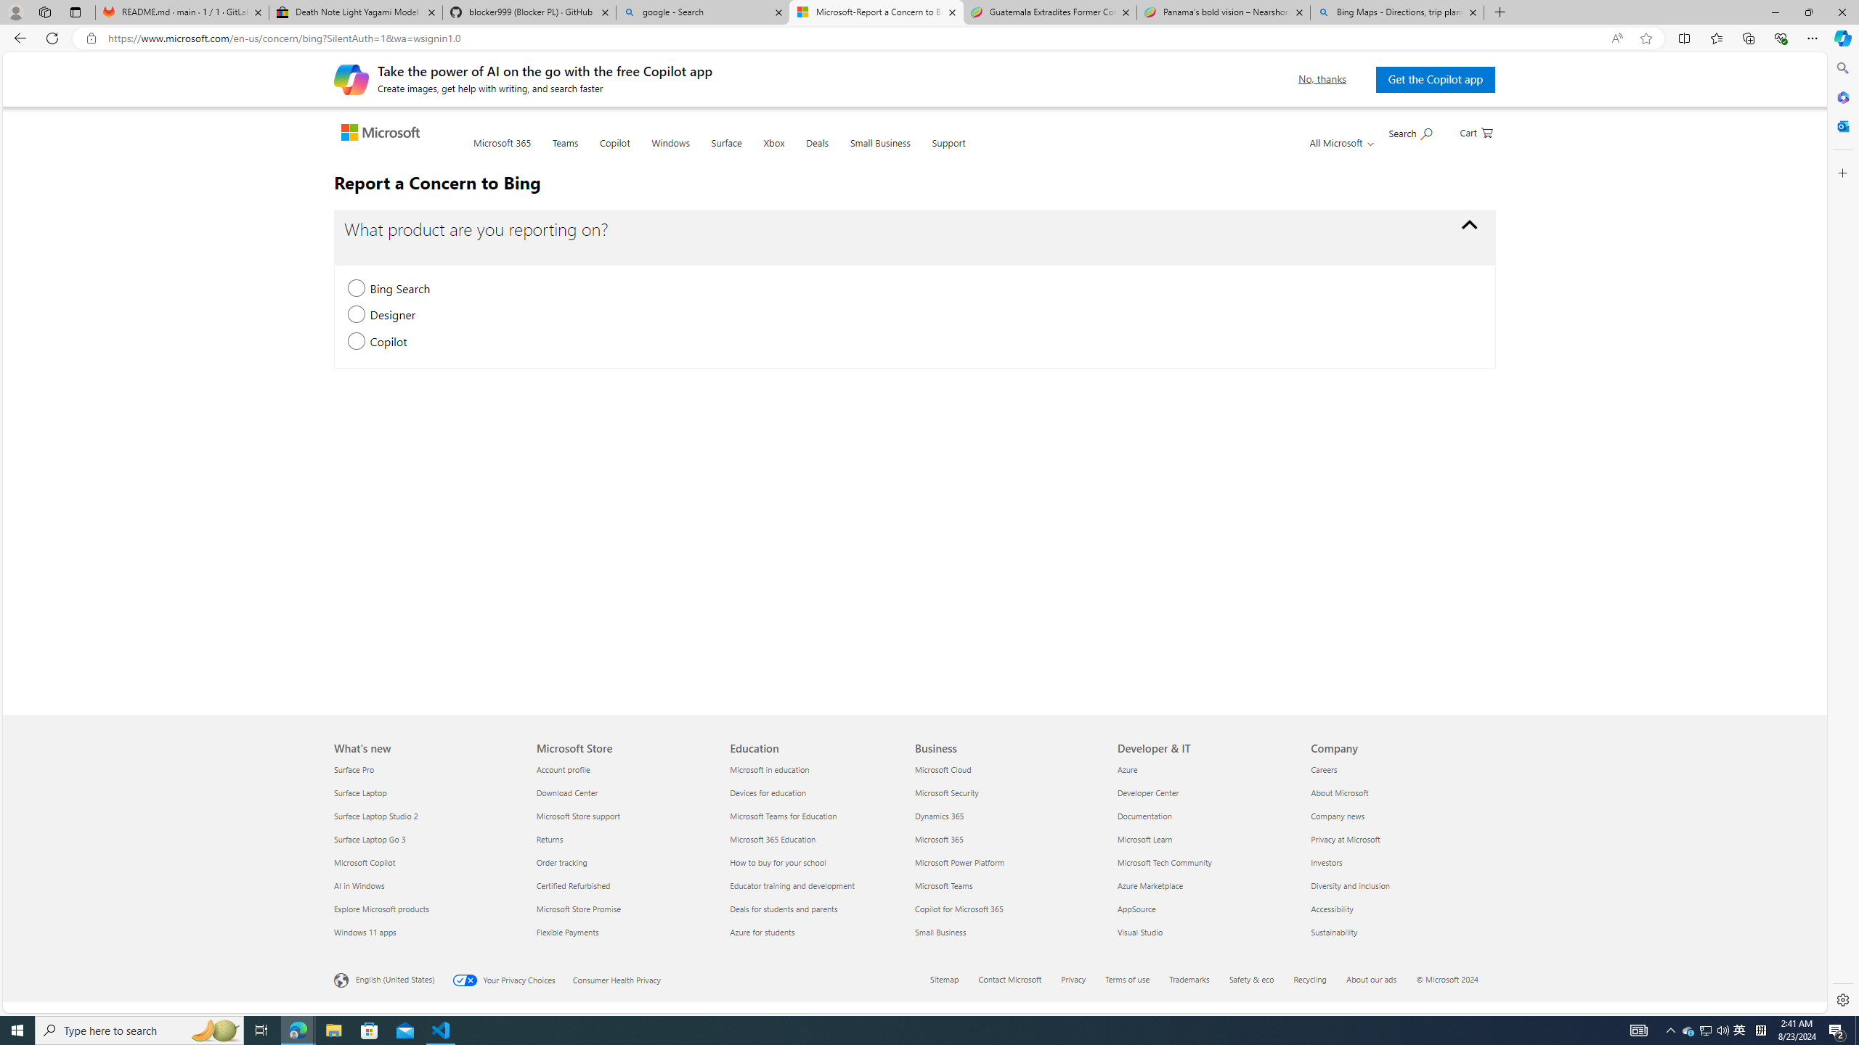  Describe the element at coordinates (1144, 837) in the screenshot. I see `'Microsoft Learn Developer & IT'` at that location.